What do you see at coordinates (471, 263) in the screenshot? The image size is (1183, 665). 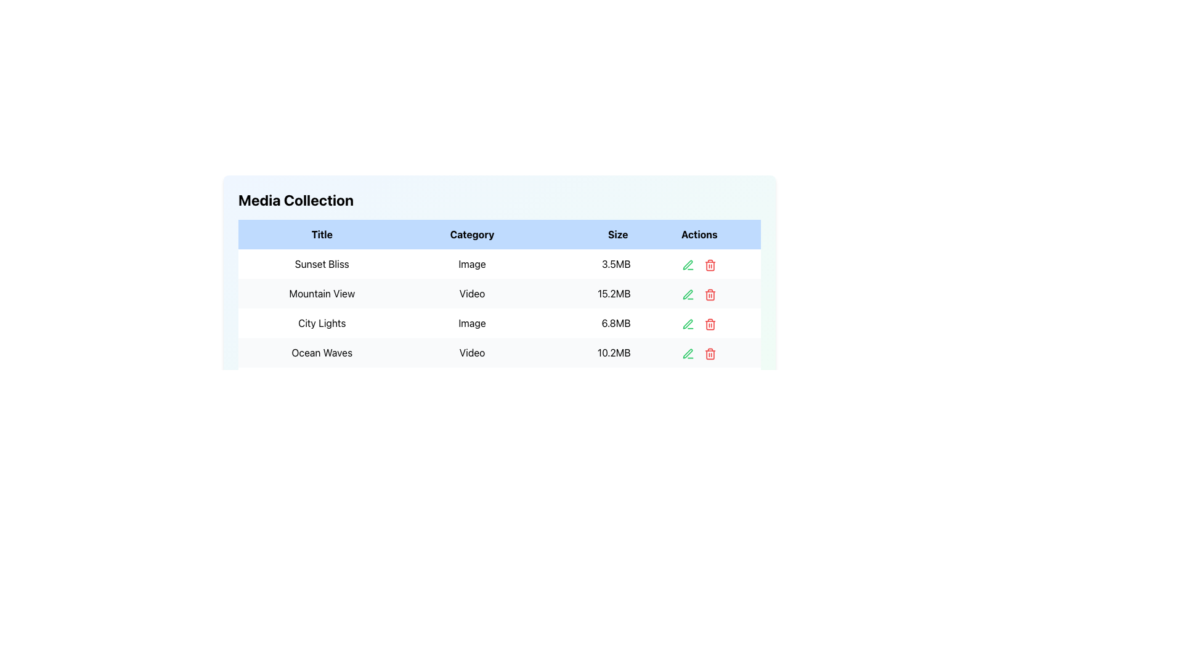 I see `text label that displays 'Image', which is right-aligned with 'Sunset Bliss' and part of the metadata in the second column of the row for 'Sunset Bliss'` at bounding box center [471, 263].